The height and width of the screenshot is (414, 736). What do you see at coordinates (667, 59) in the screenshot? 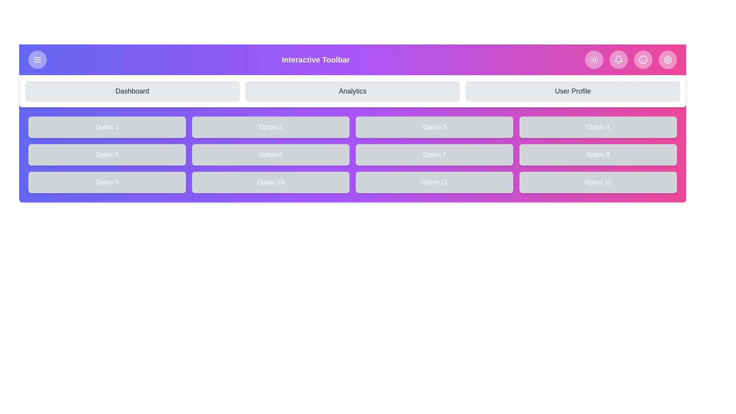
I see `the Settings icon in the navigation bar` at bounding box center [667, 59].